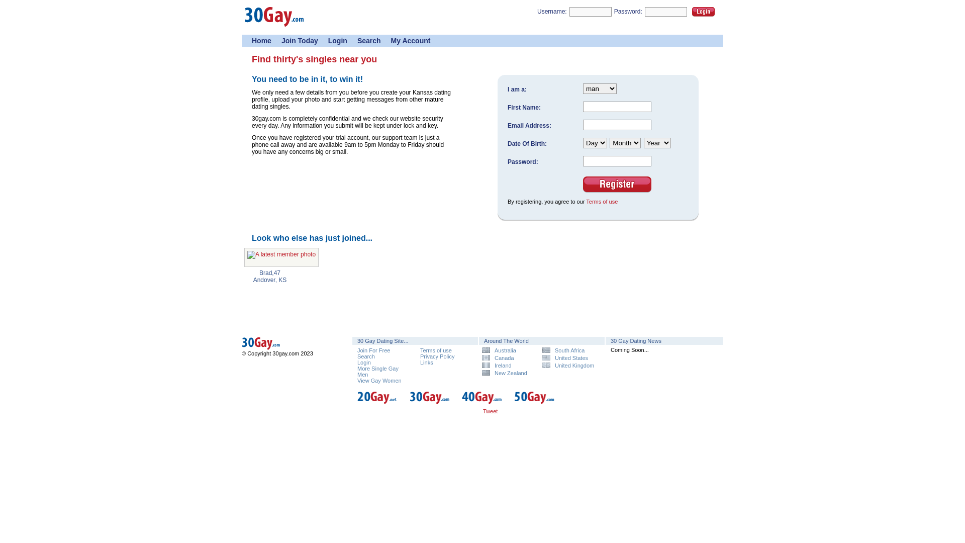 This screenshot has width=965, height=543. Describe the element at coordinates (357, 356) in the screenshot. I see `'Search'` at that location.